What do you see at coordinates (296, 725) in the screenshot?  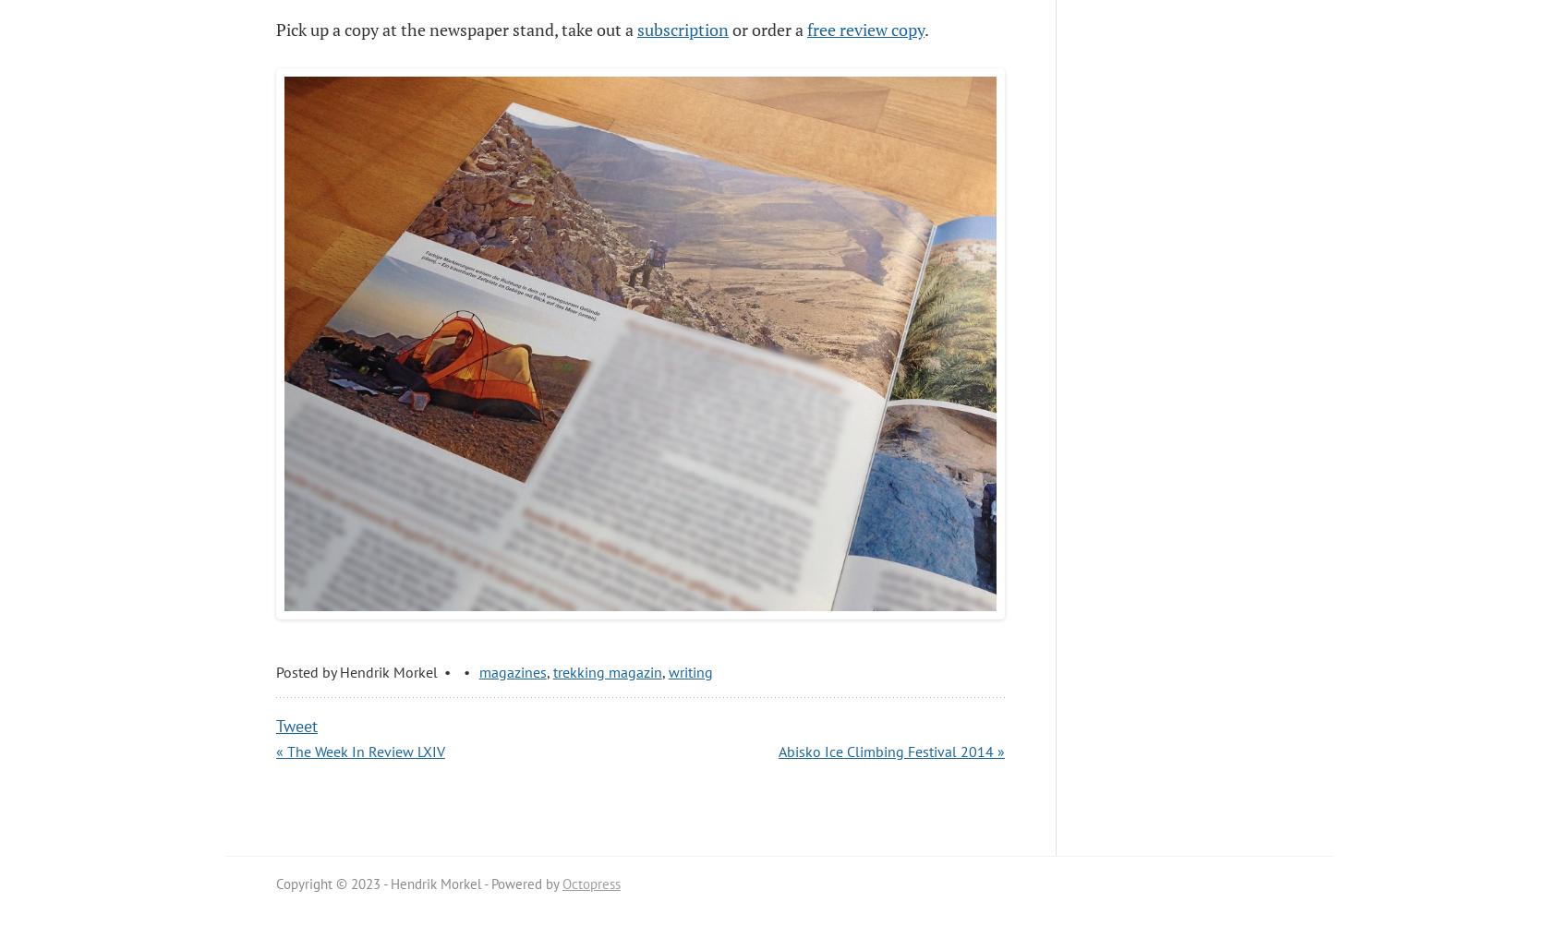 I see `'Tweet'` at bounding box center [296, 725].